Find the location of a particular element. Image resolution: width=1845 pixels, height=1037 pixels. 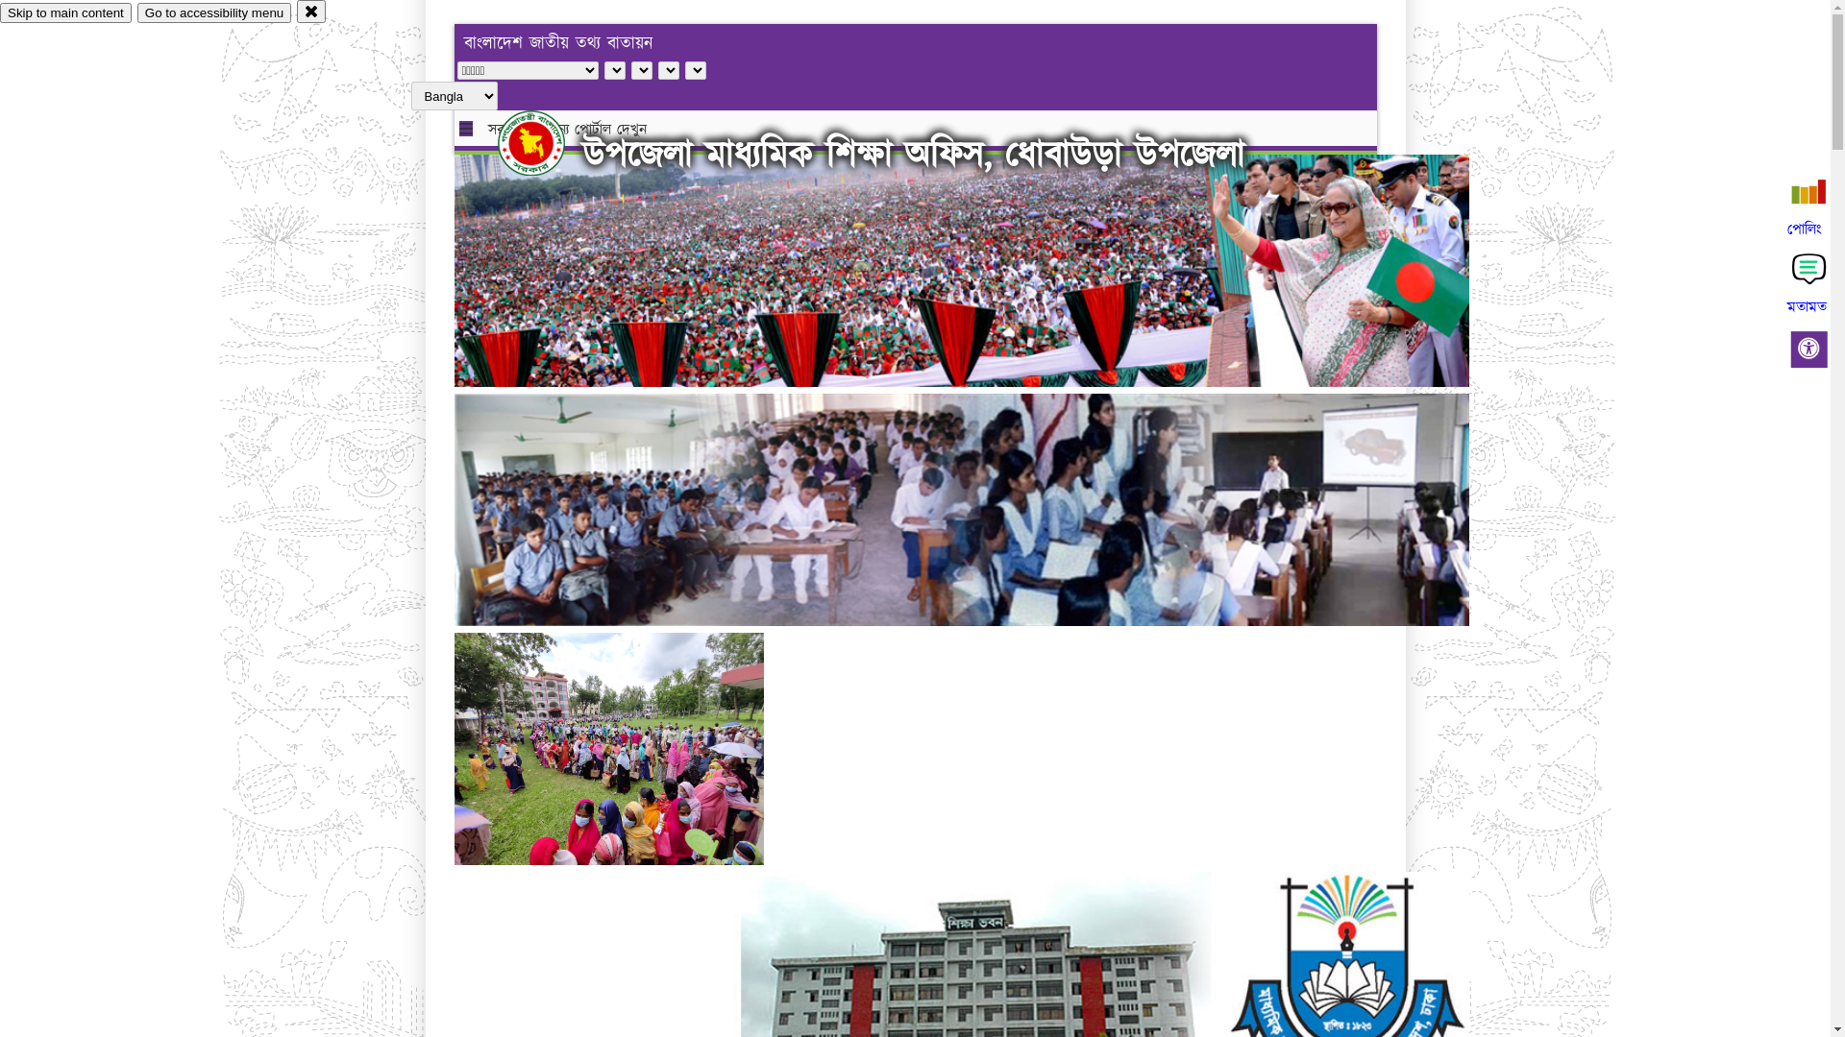

'Go to accessibility menu' is located at coordinates (213, 12).